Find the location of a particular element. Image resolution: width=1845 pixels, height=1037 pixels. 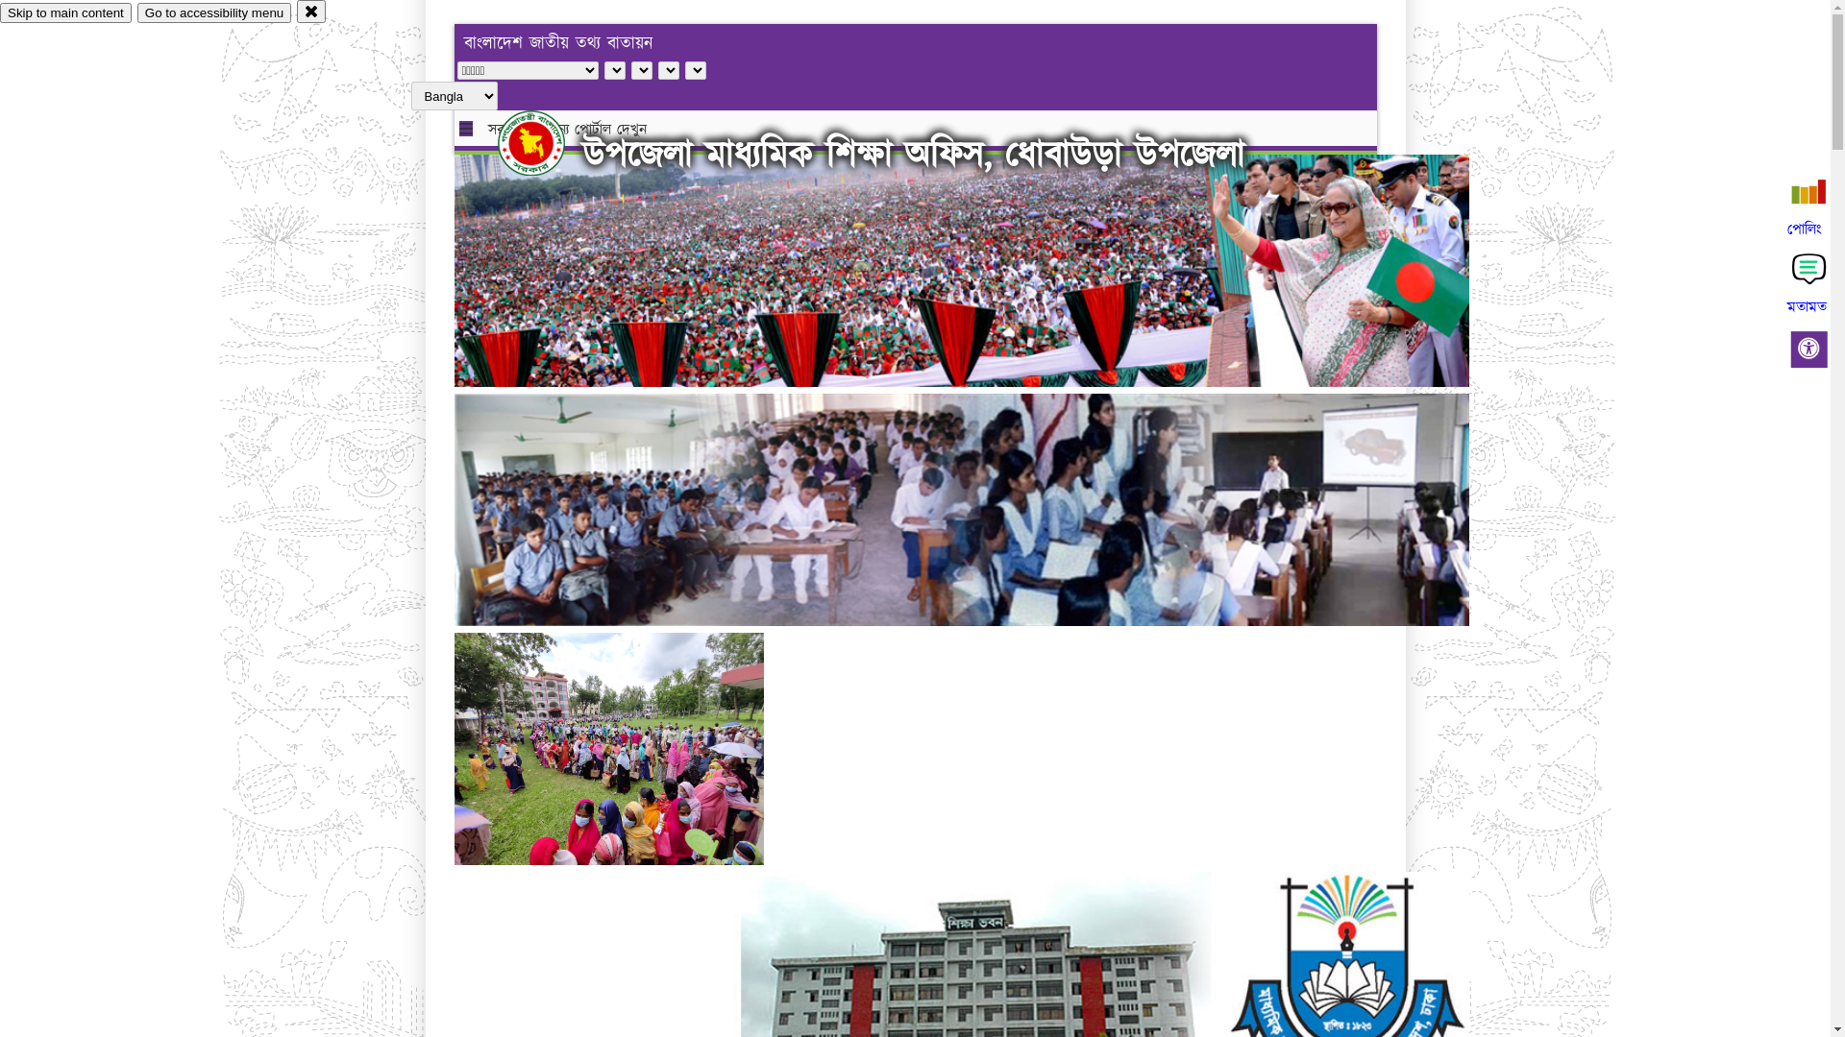

'Go to accessibility menu' is located at coordinates (213, 12).